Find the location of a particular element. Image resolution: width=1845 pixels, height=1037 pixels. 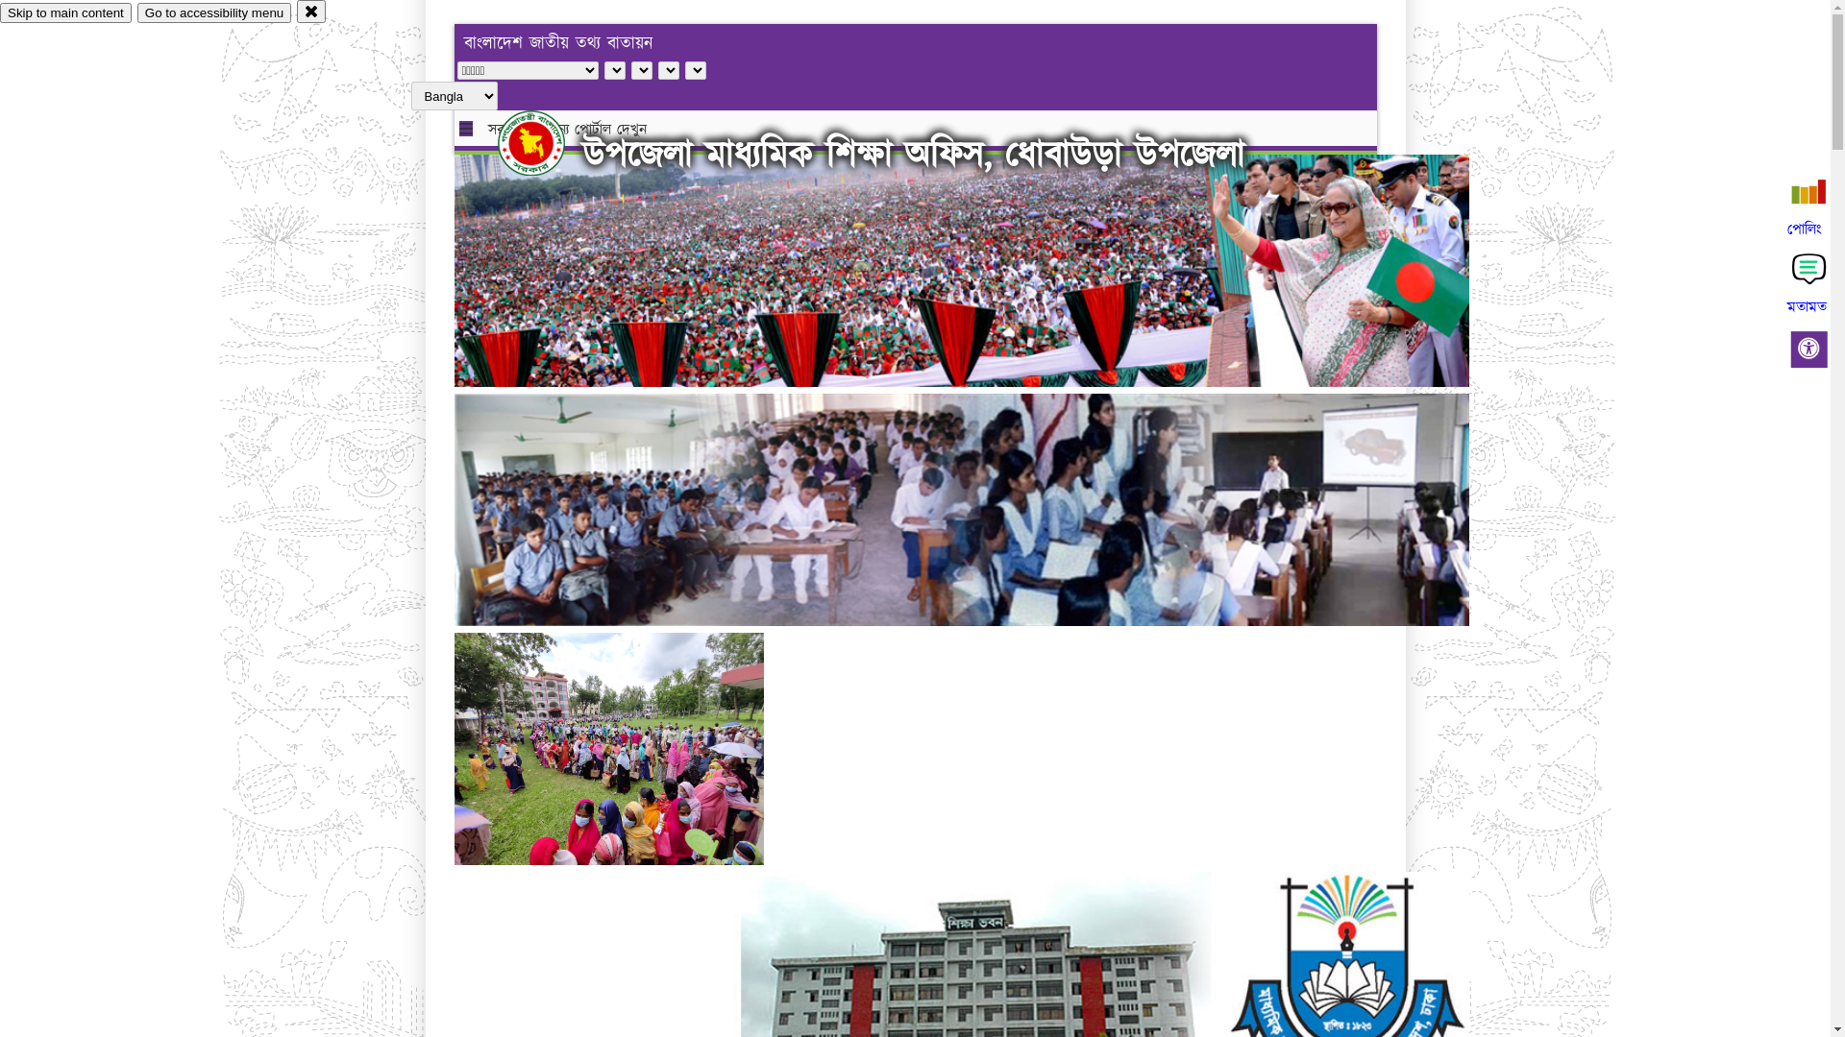

'Go to accessibility menu' is located at coordinates (213, 12).